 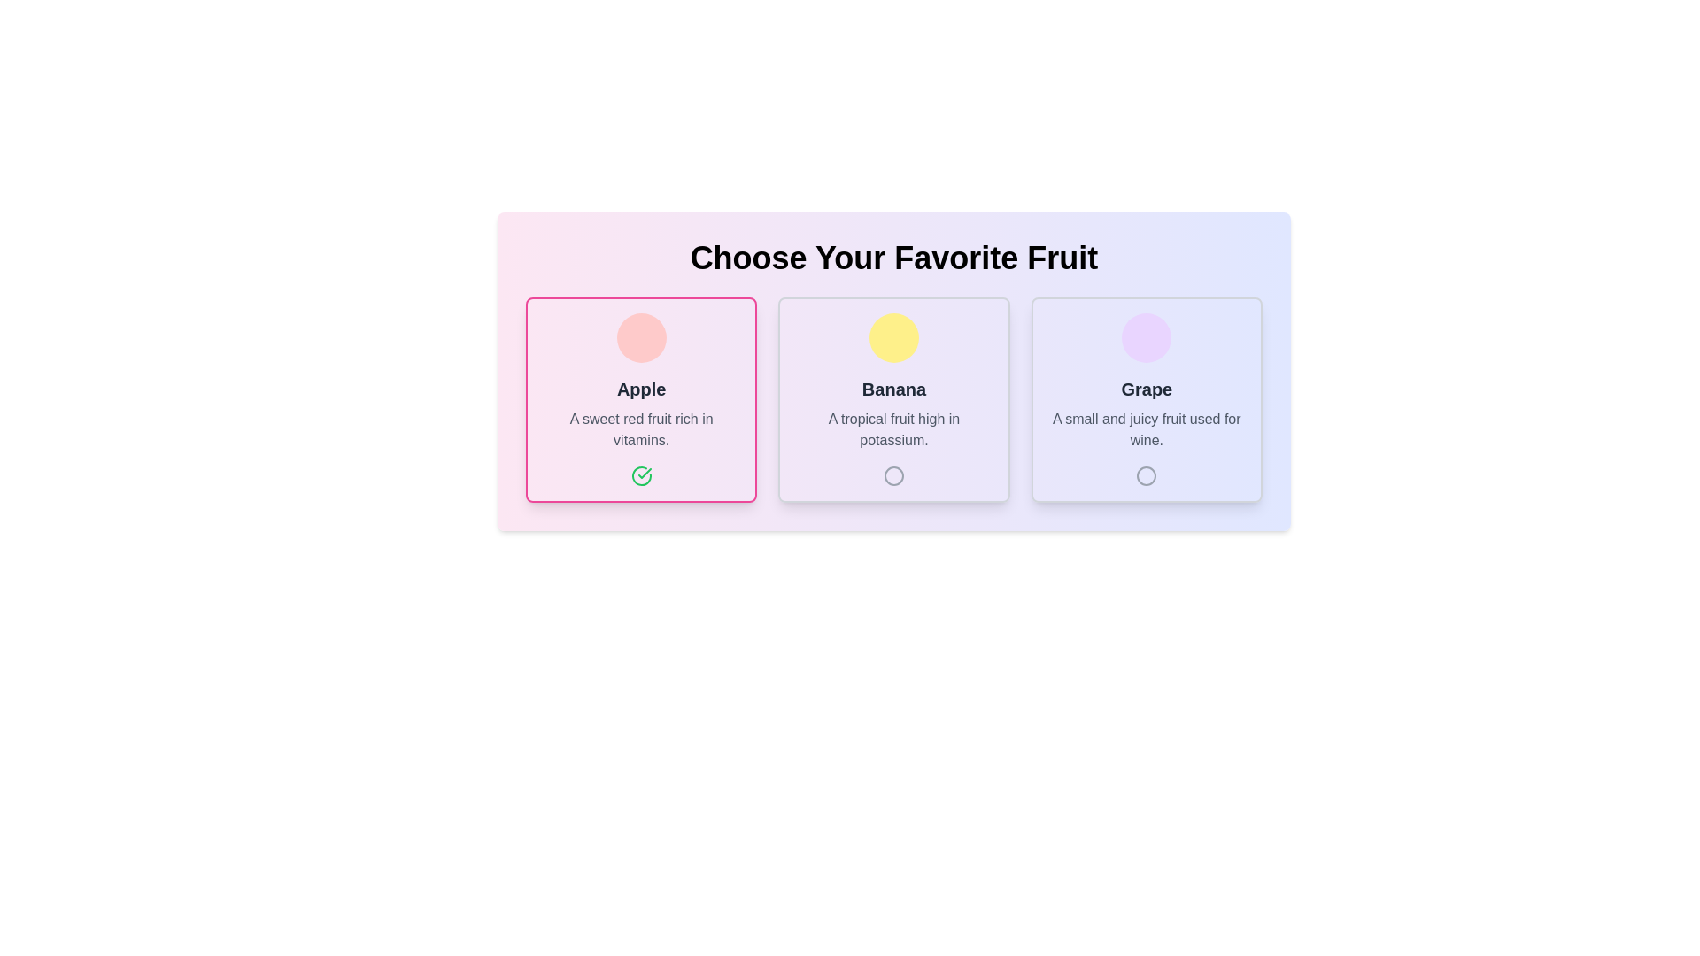 I want to click on the circular indicator icon located at the bottom center of the 'Grape' card, which is the third card in the row of fruit cards, so click(x=1147, y=474).